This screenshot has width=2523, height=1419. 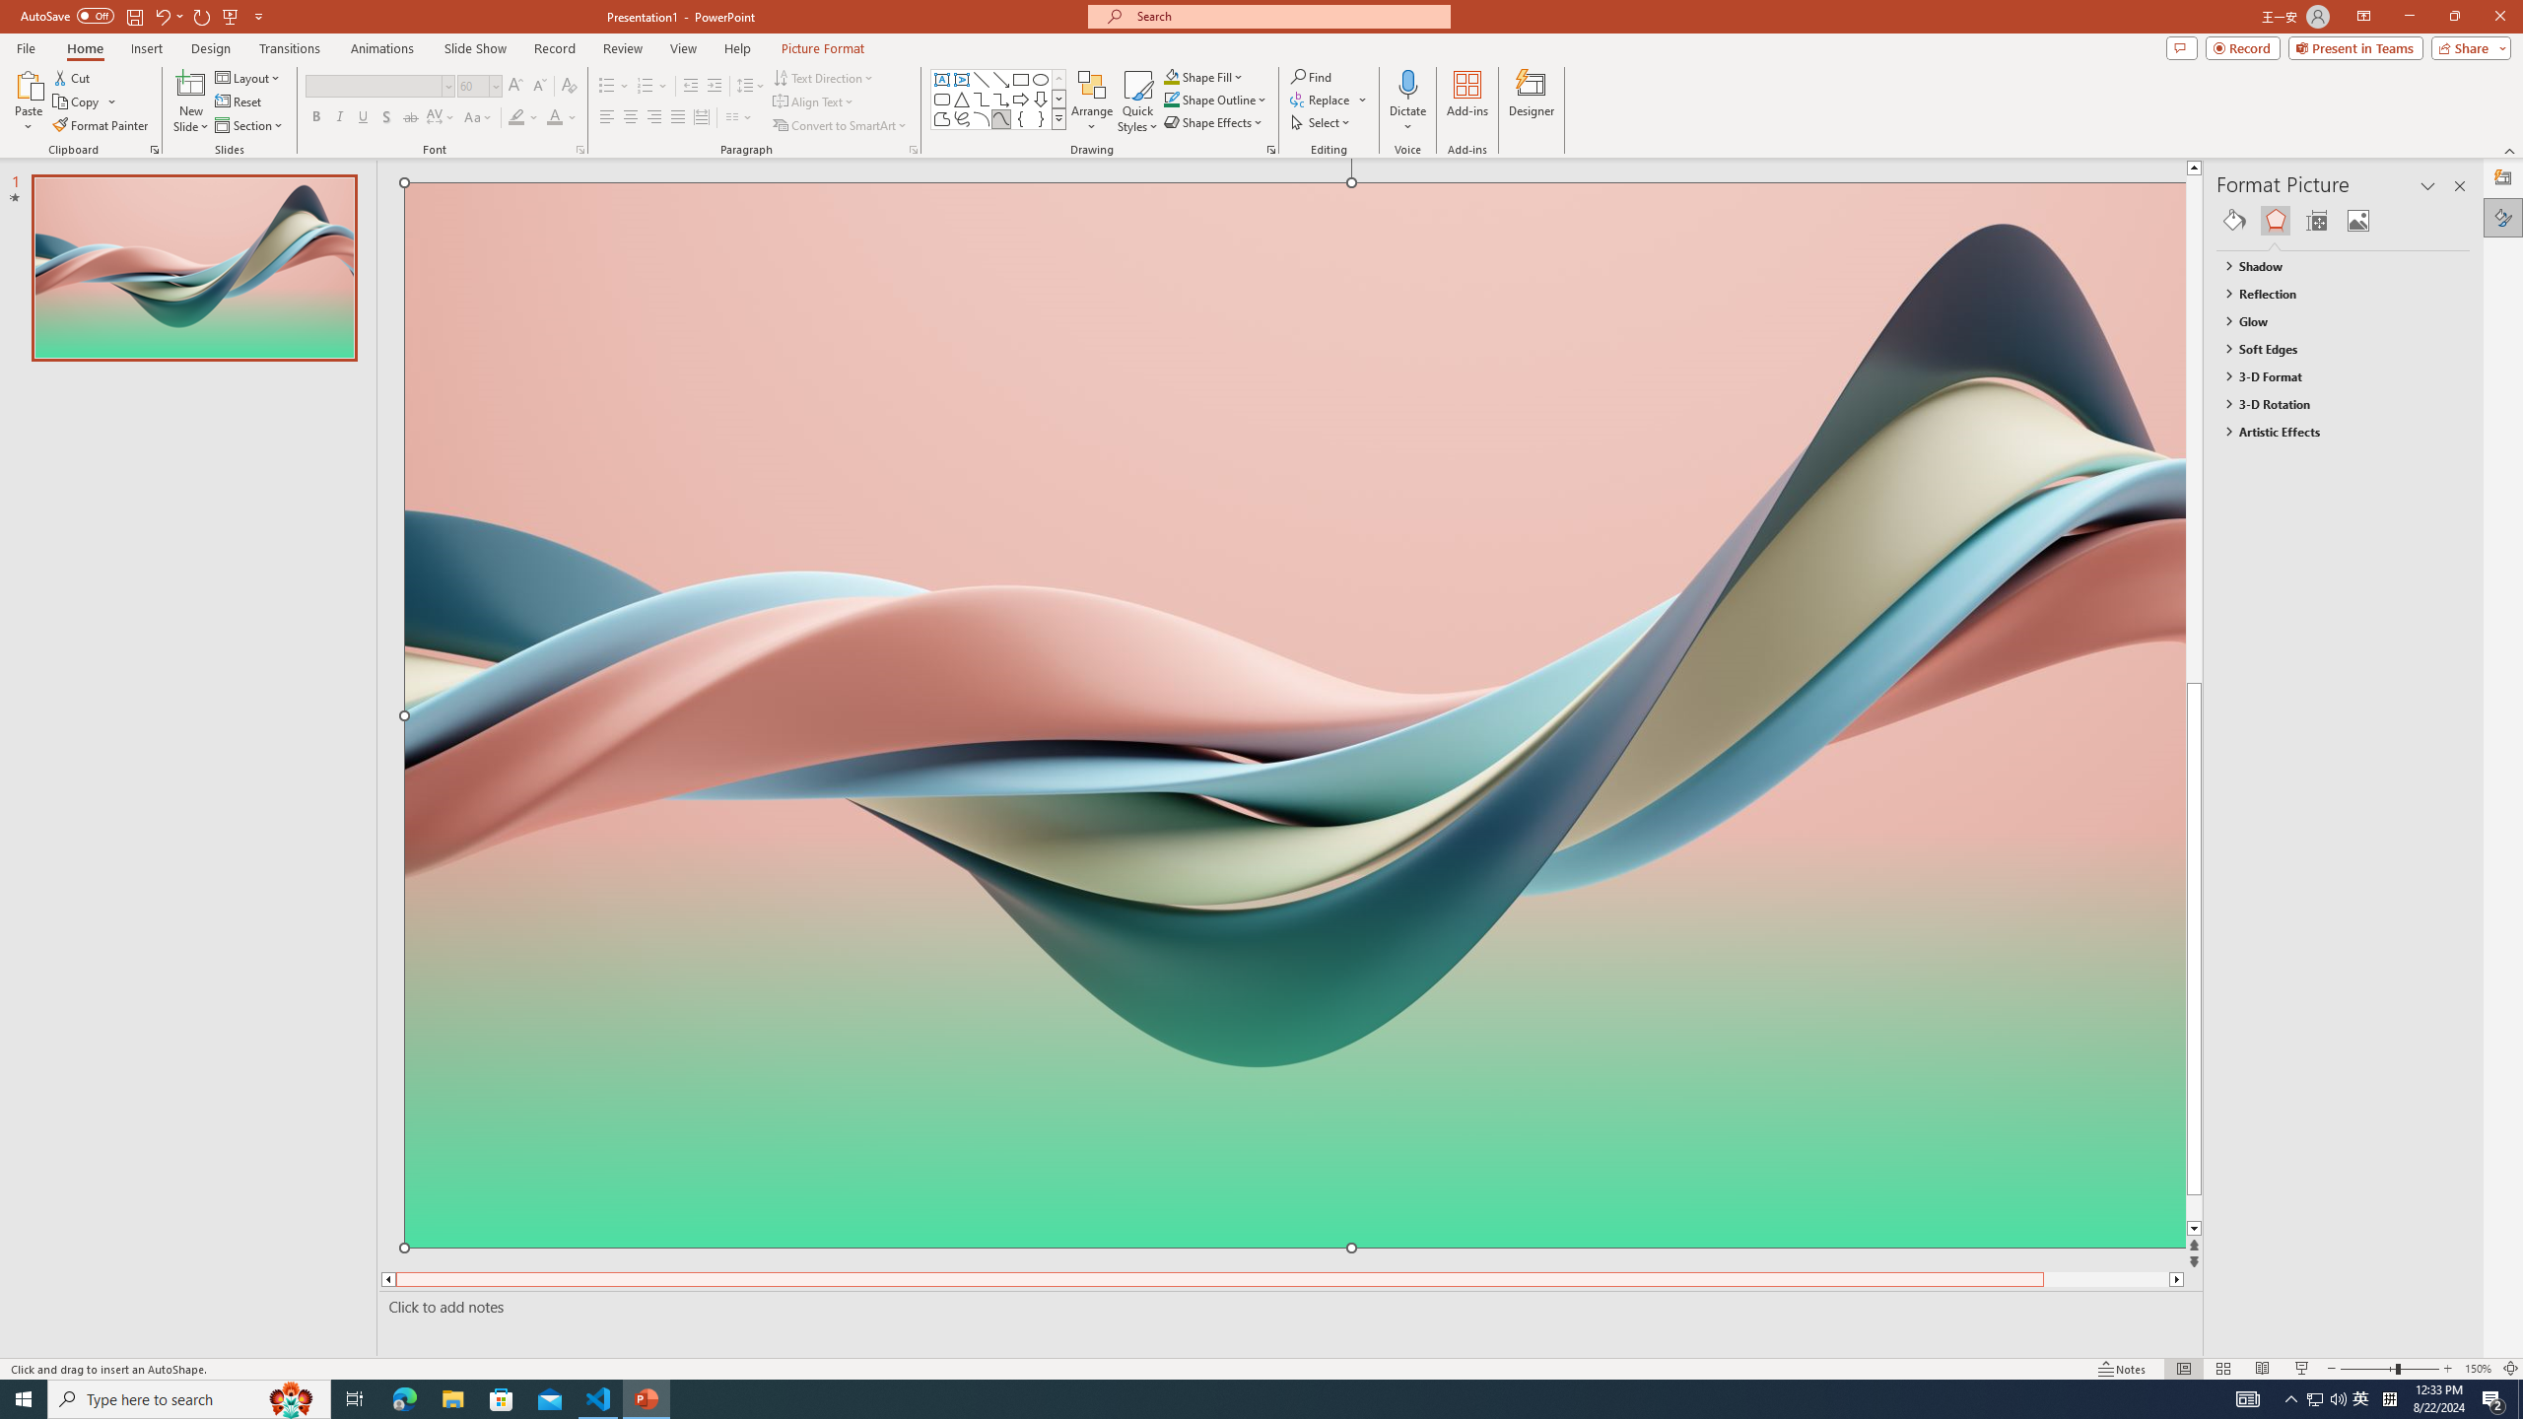 I want to click on '3-D Format', so click(x=2334, y=376).